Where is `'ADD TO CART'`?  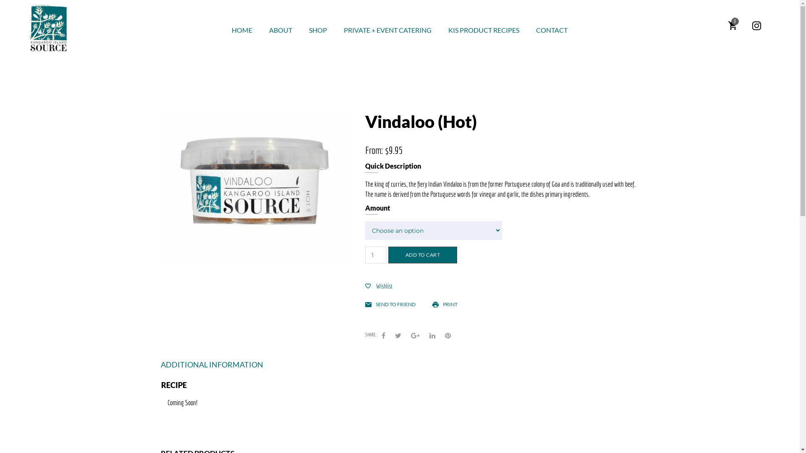 'ADD TO CART' is located at coordinates (423, 255).